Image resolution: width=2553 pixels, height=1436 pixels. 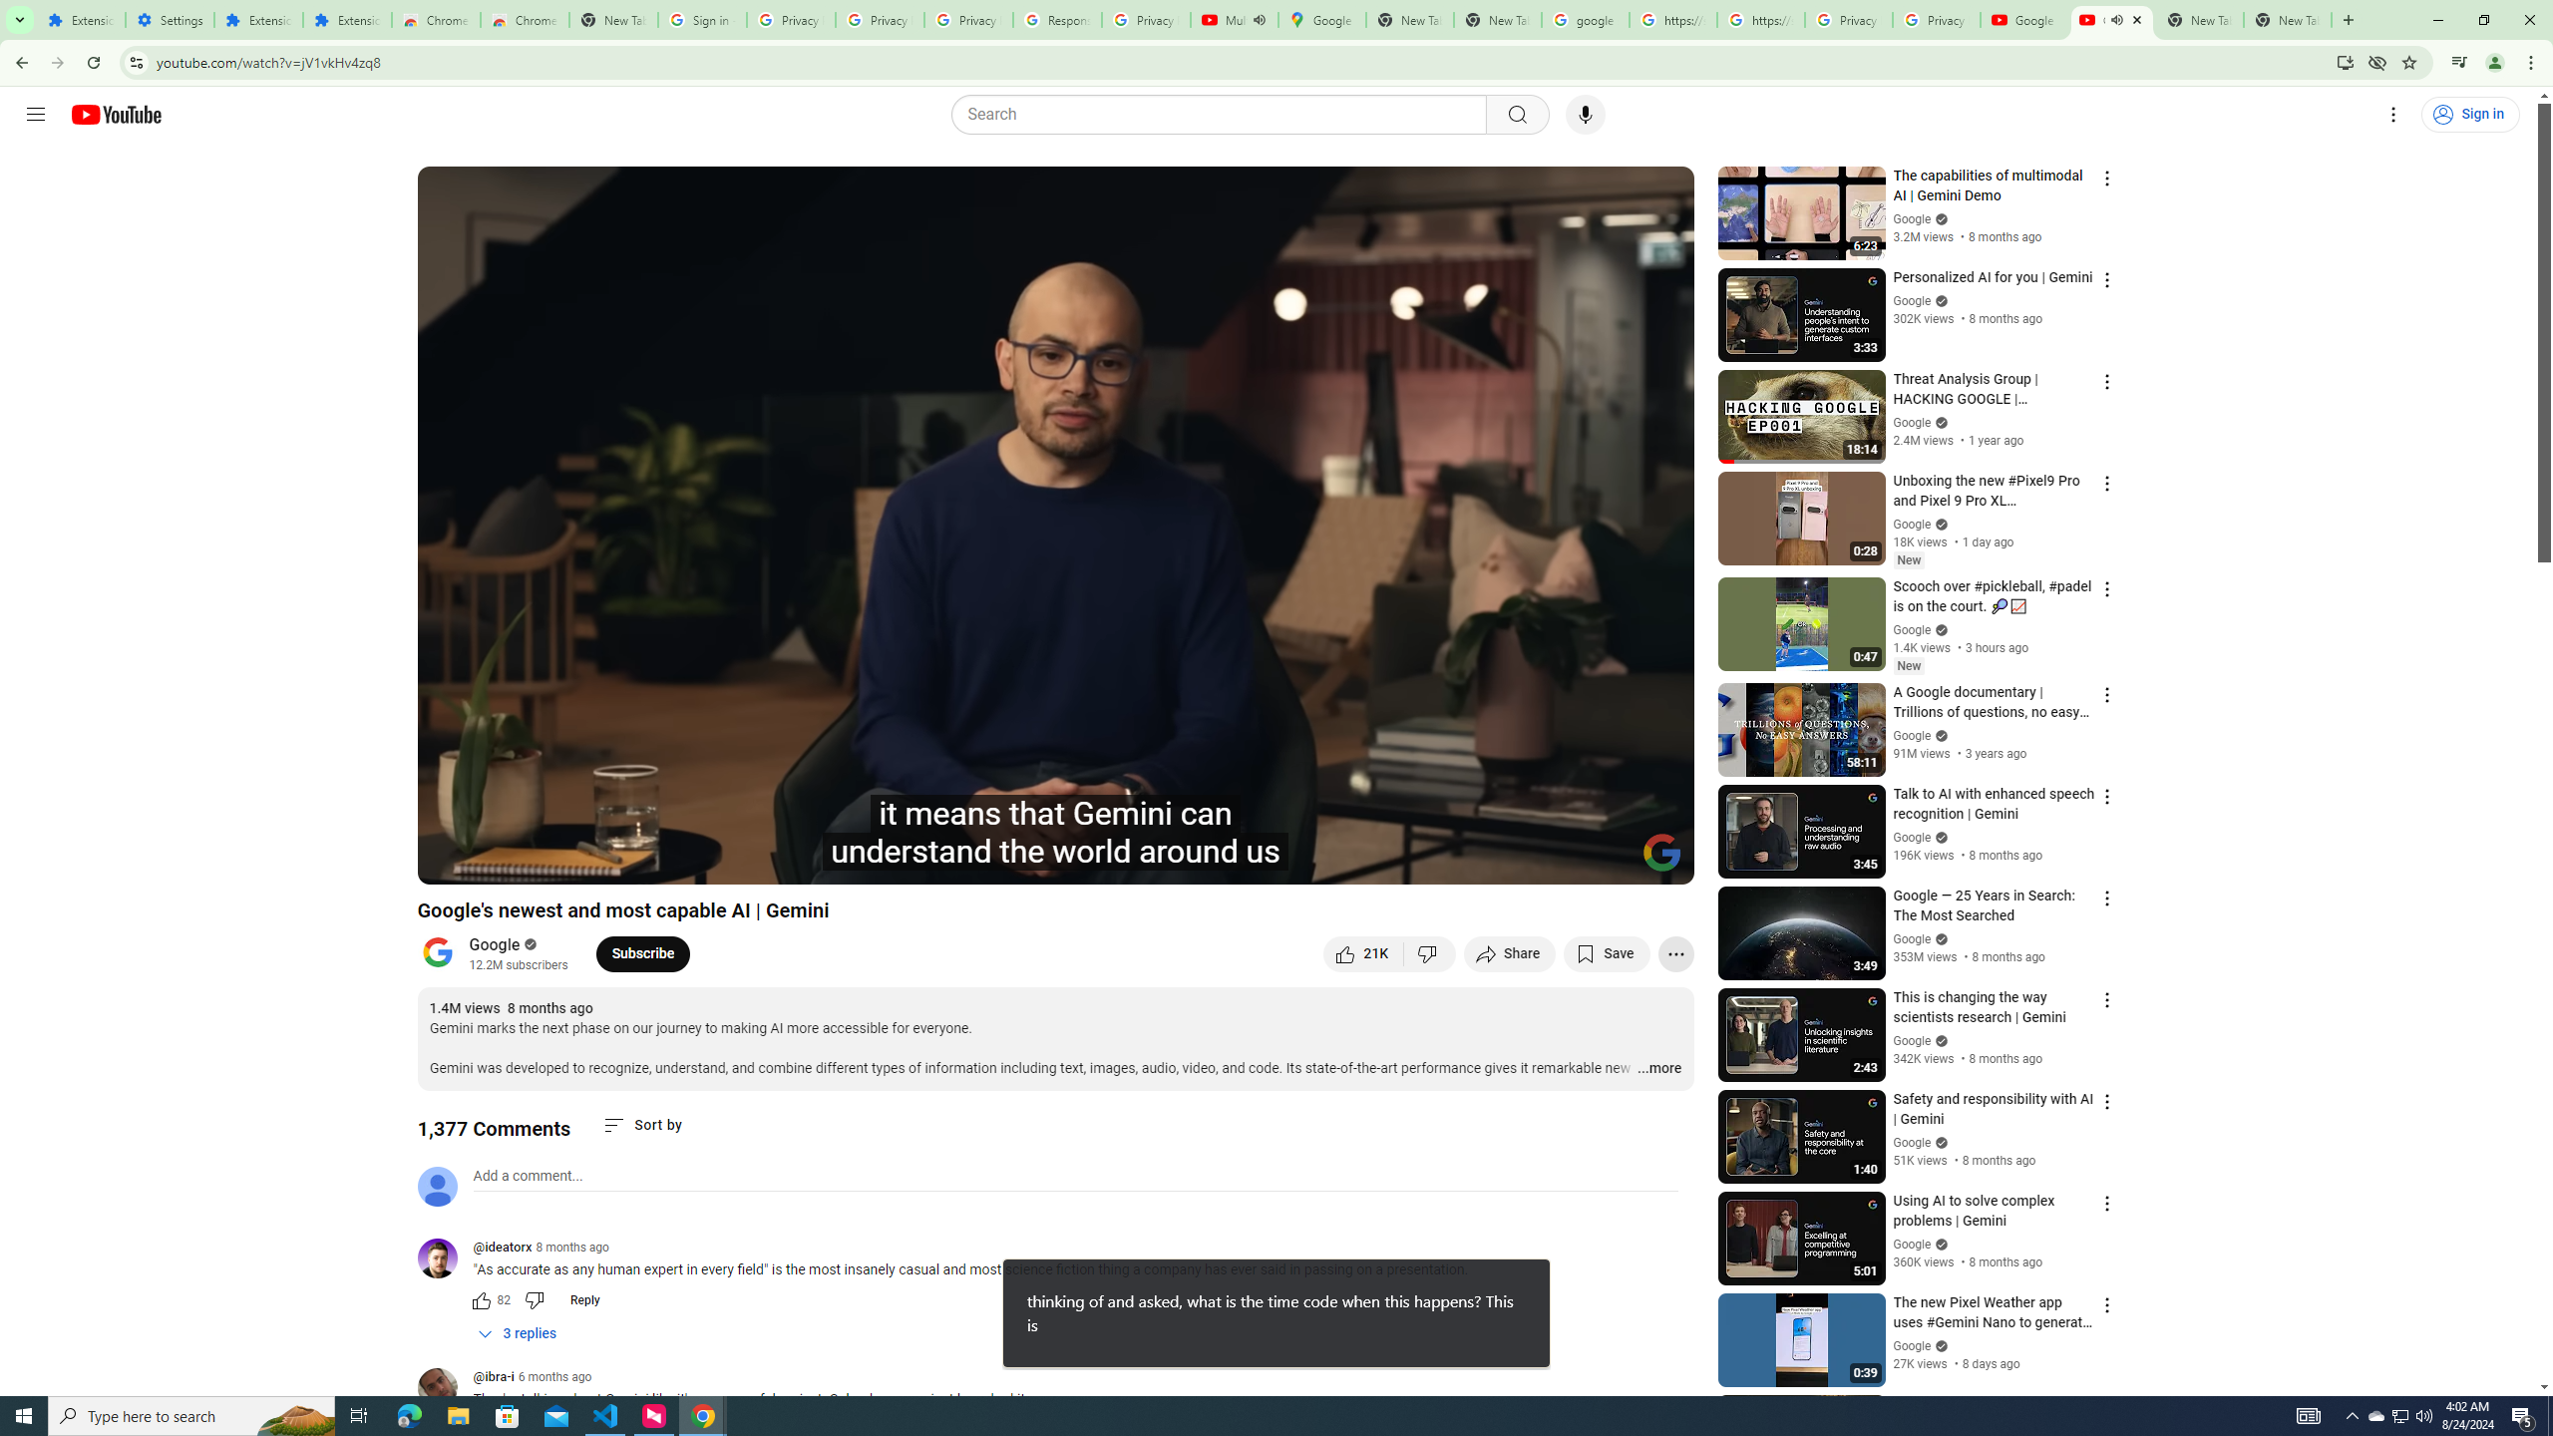 I want to click on 'Guide', so click(x=34, y=114).